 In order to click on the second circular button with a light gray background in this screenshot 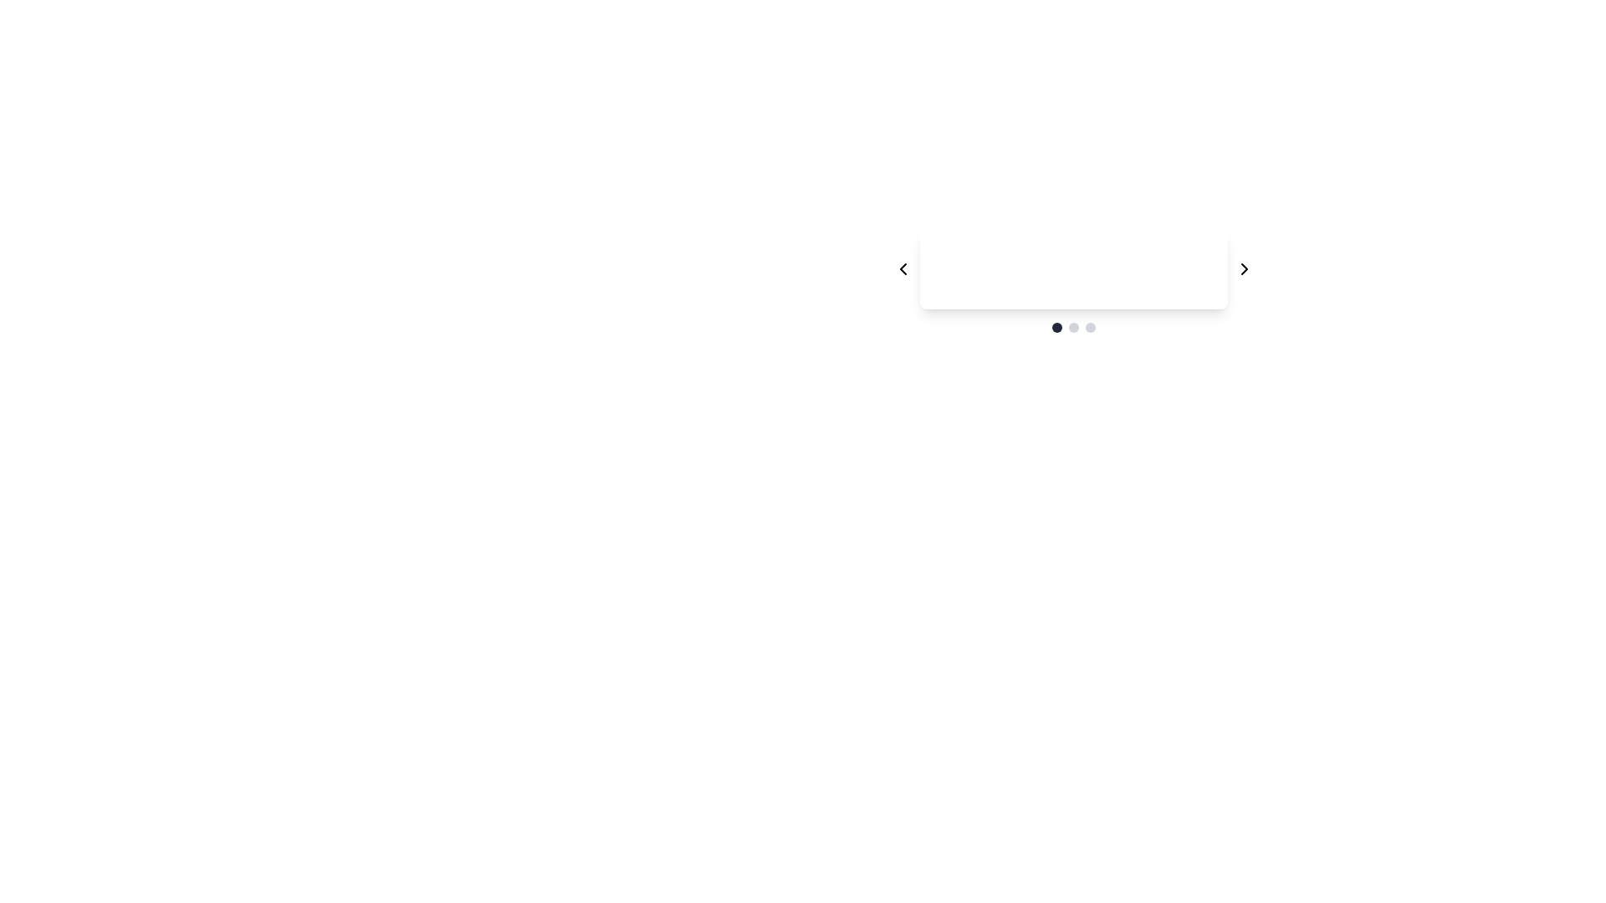, I will do `click(1073, 328)`.